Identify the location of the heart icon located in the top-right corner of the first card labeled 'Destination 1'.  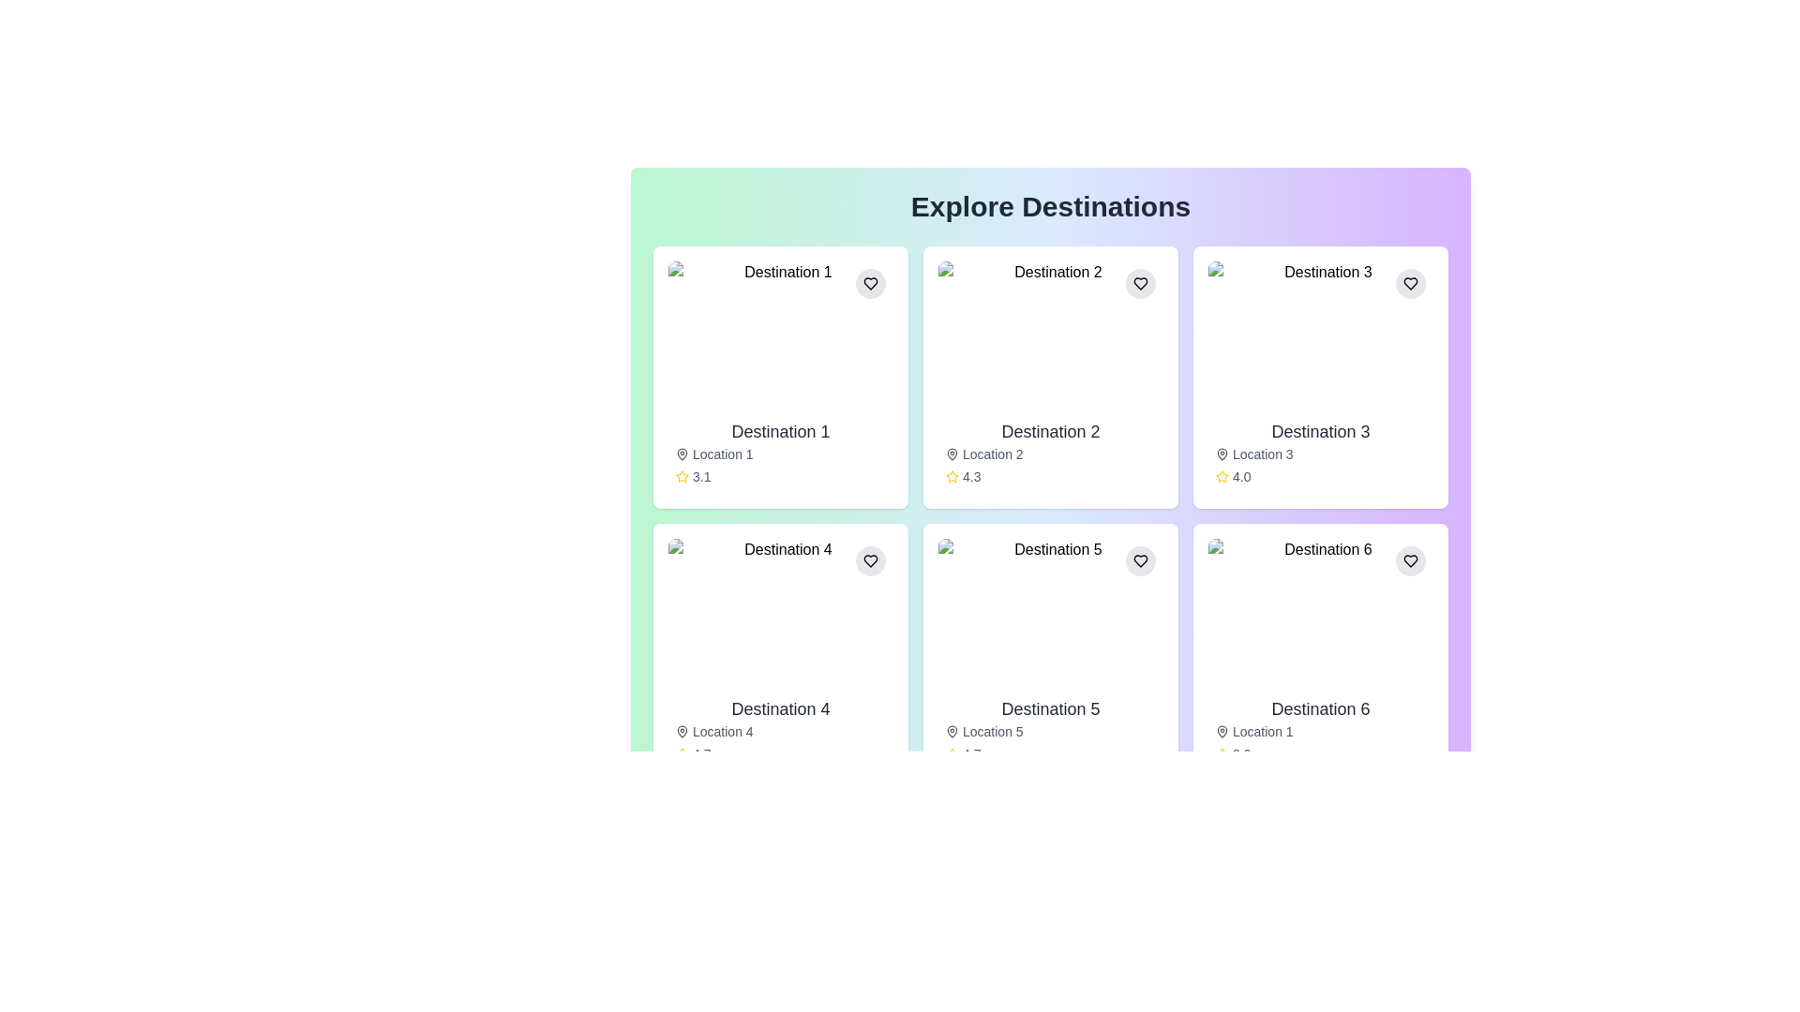
(870, 284).